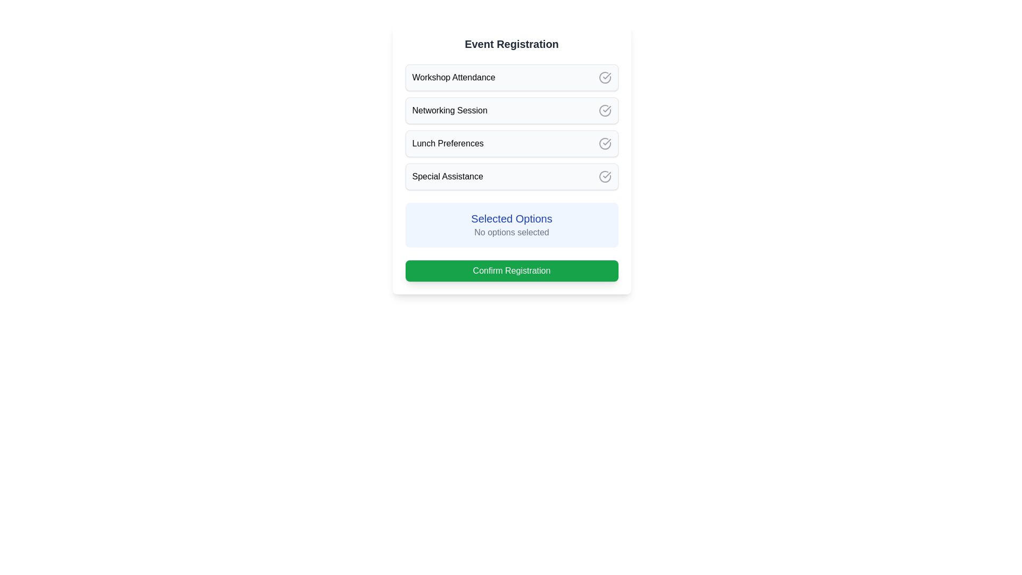 The width and height of the screenshot is (1022, 575). Describe the element at coordinates (454, 77) in the screenshot. I see `the 'Workshop Attendance' text label, which is displayed in medium-sized black font on a light-gray background, located beneath the 'Event Registration' title and next to a check icon` at that location.